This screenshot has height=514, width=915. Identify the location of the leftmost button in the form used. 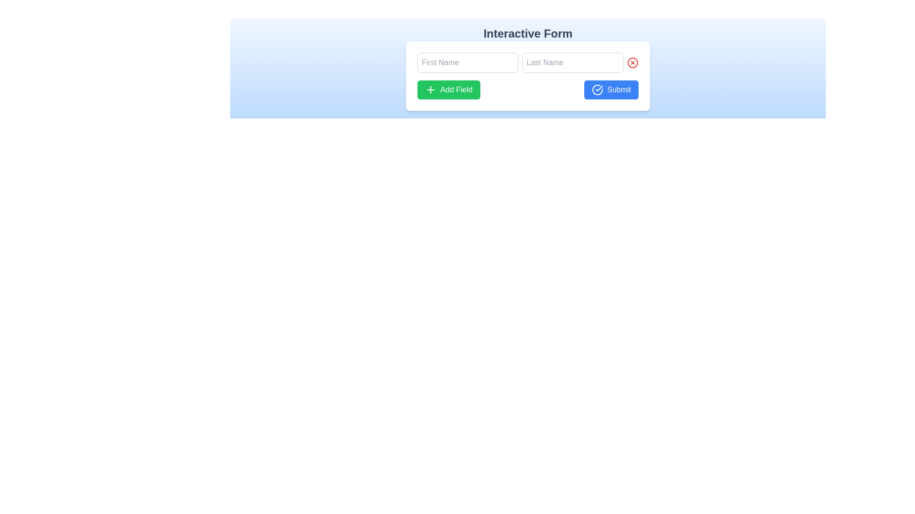
(448, 90).